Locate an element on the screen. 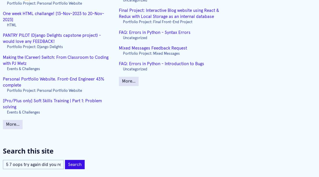  'Portfolio Project: Django Delights' is located at coordinates (35, 47).